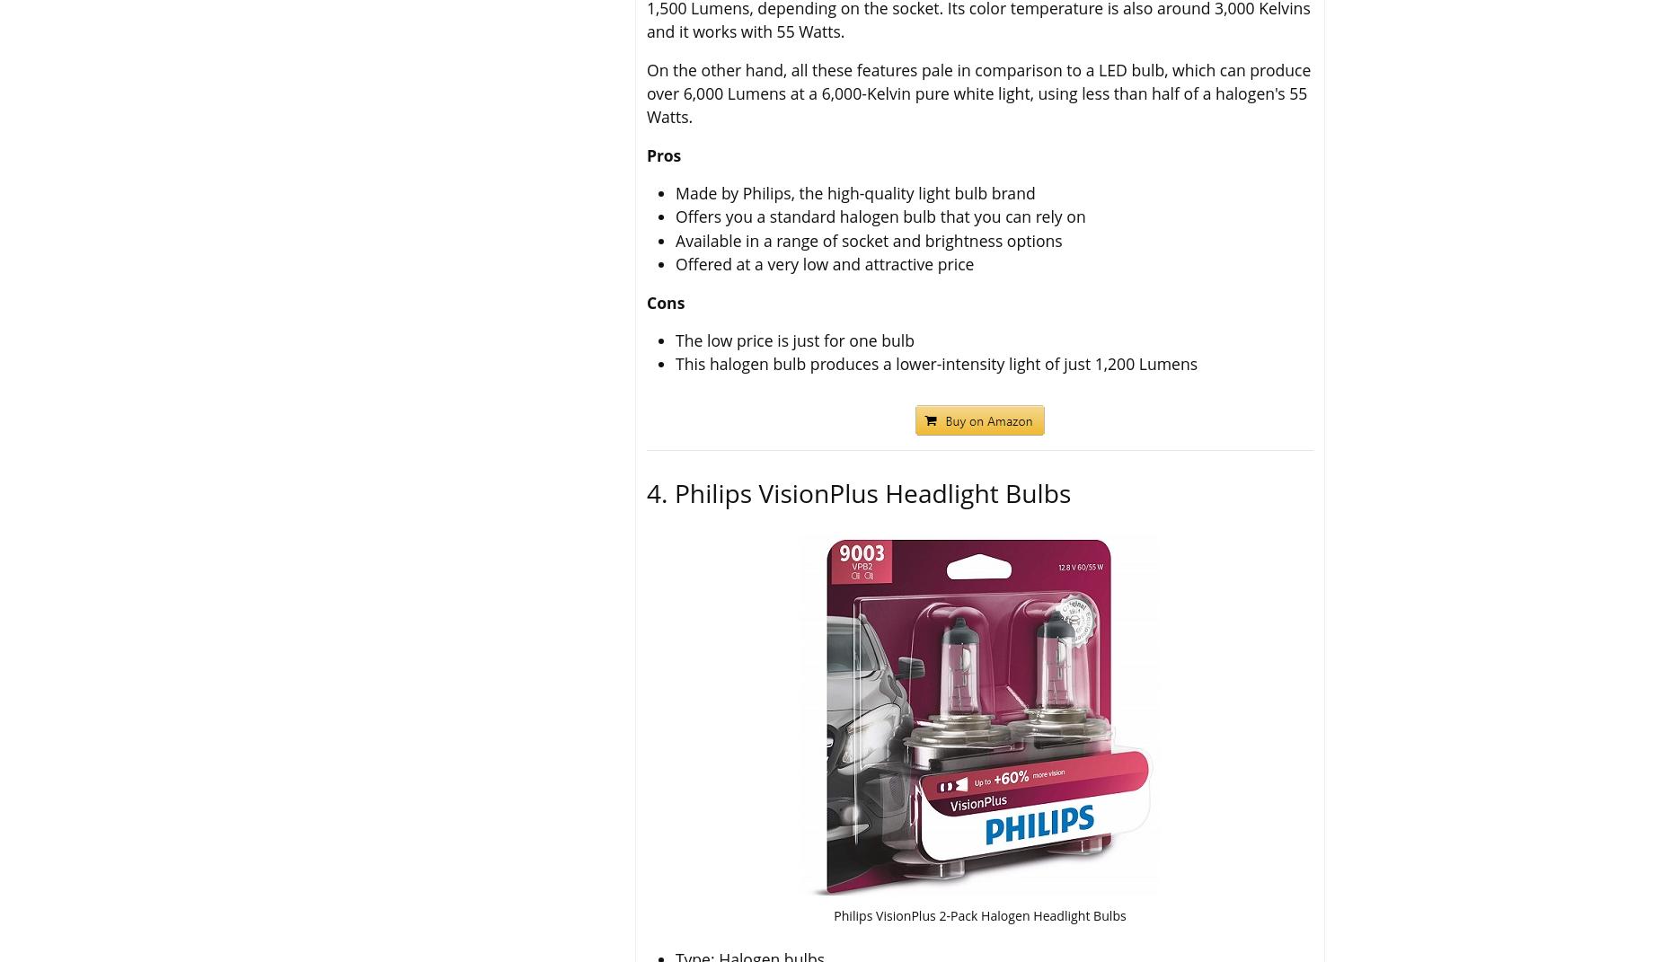  What do you see at coordinates (879, 216) in the screenshot?
I see `'Offers you a standard halogen bulb that you can rely on'` at bounding box center [879, 216].